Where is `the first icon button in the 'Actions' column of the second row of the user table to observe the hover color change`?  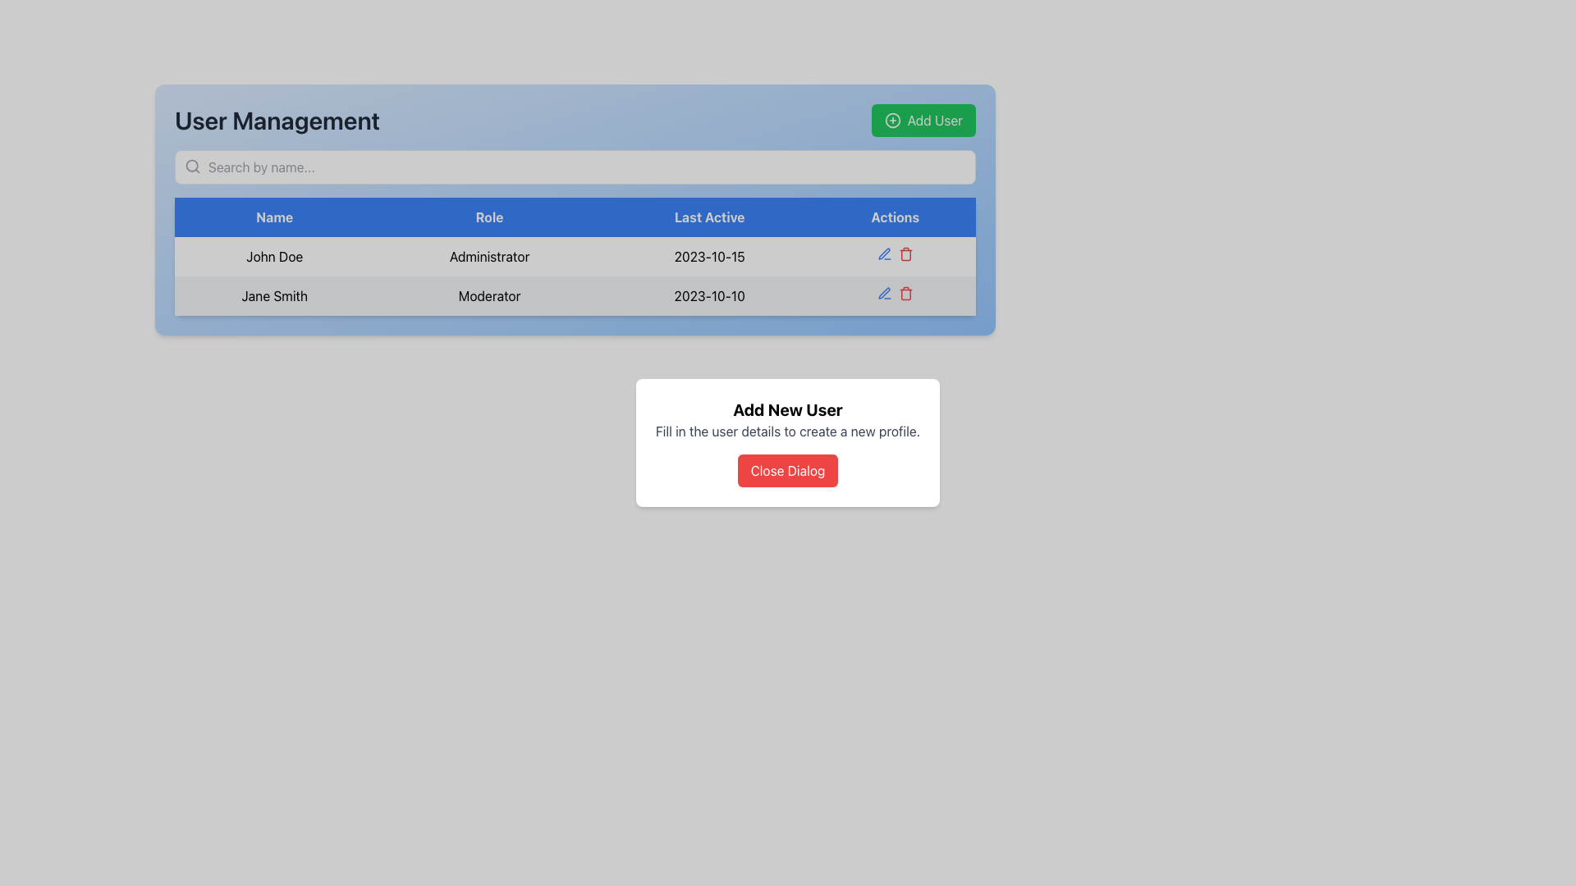 the first icon button in the 'Actions' column of the second row of the user table to observe the hover color change is located at coordinates (883, 253).